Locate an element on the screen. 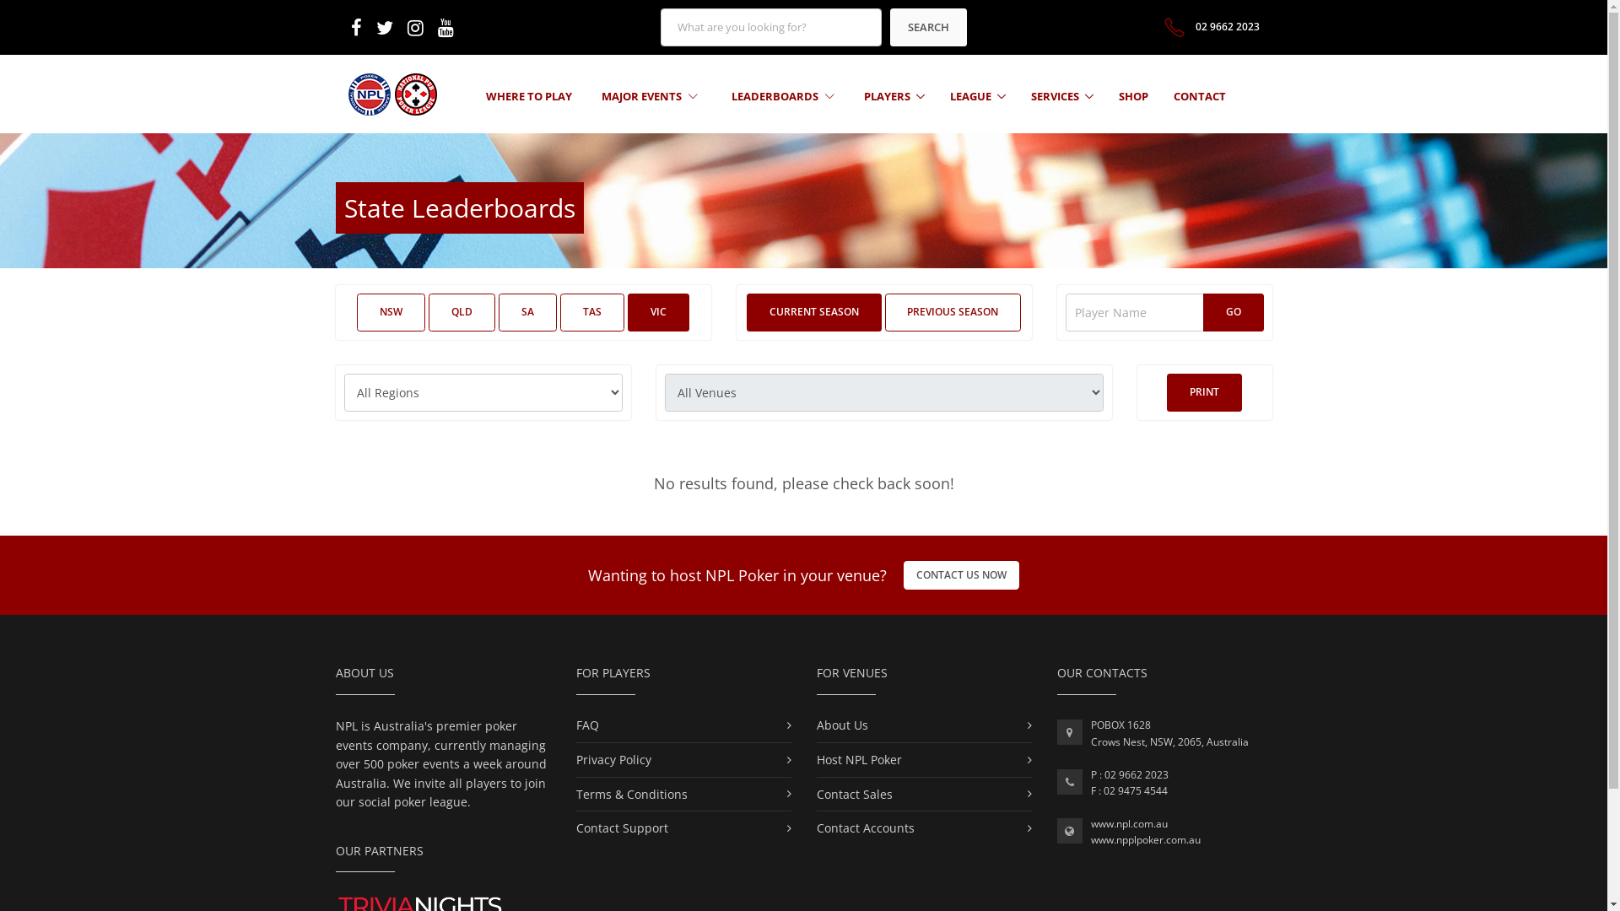  'LEAGUE' is located at coordinates (977, 96).